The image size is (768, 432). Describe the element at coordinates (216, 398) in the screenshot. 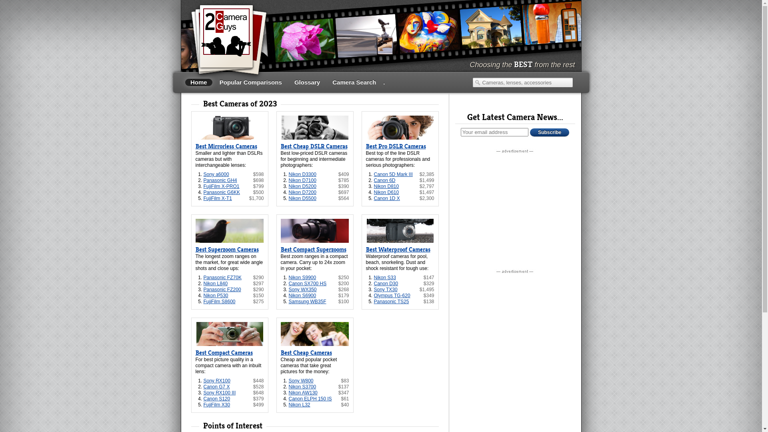

I see `'Canon S120'` at that location.